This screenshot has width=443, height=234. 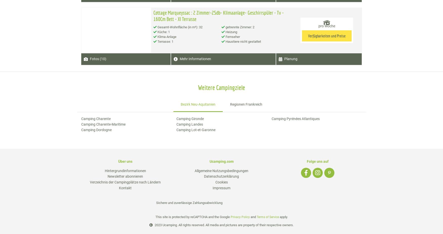 What do you see at coordinates (326, 26) in the screenshot?
I see `'pro Woche'` at bounding box center [326, 26].